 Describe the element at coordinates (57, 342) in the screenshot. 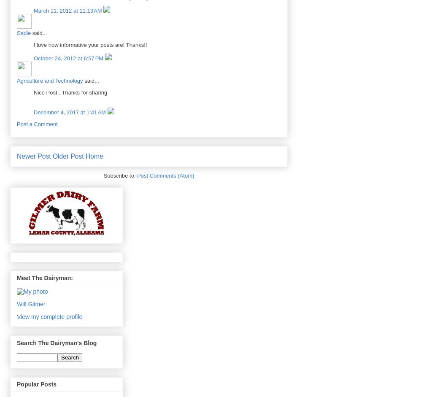

I see `'Search The Dairyman's Blog'` at that location.